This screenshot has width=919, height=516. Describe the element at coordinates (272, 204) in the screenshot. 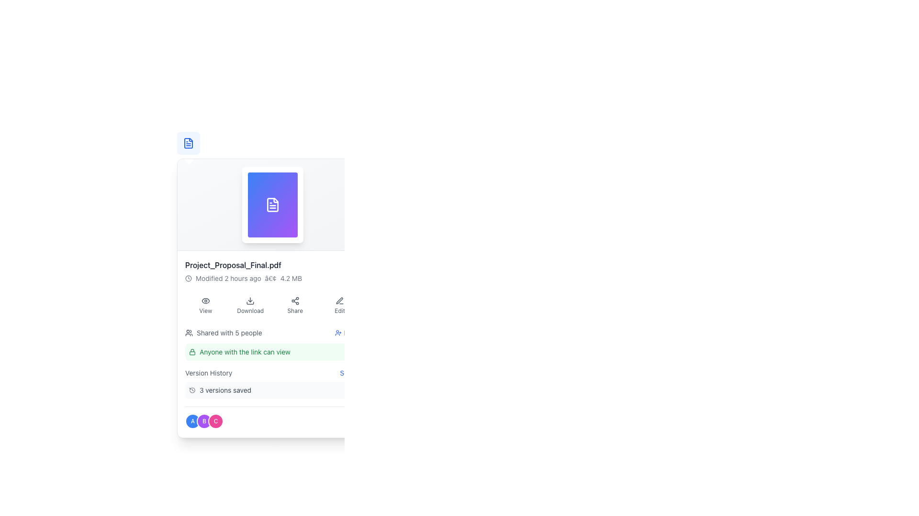

I see `the graphical representation icon within the button-like card` at that location.